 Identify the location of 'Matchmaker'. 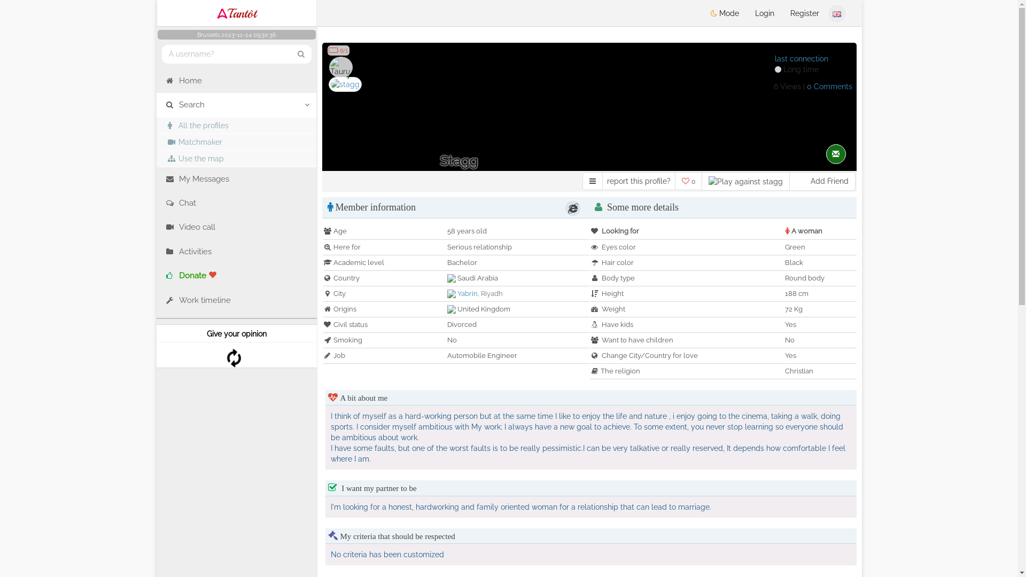
(158, 142).